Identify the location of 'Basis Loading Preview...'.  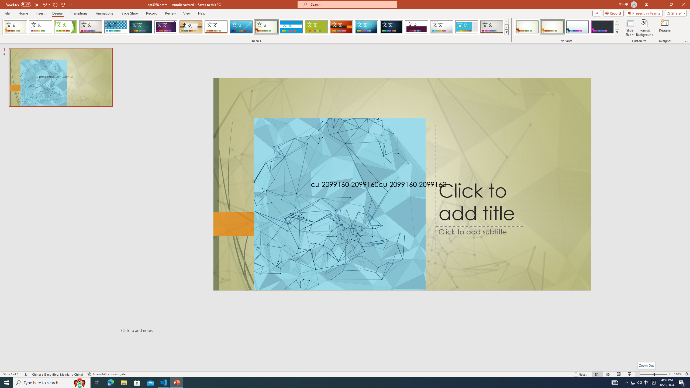
(316, 27).